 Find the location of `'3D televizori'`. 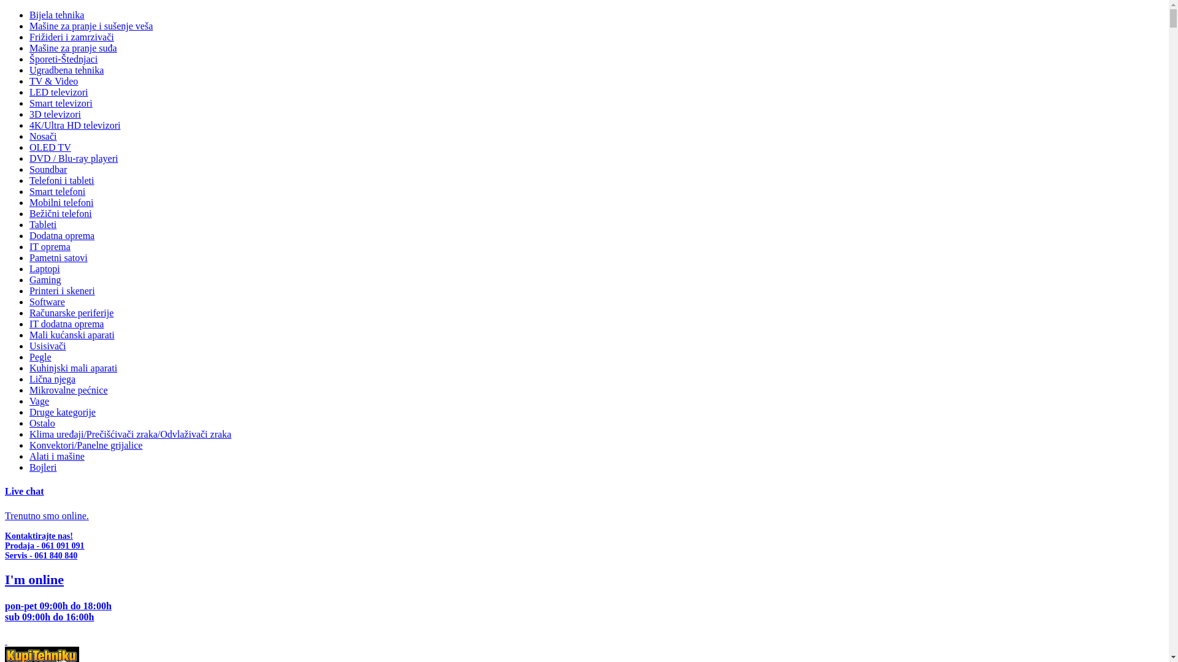

'3D televizori' is located at coordinates (55, 114).